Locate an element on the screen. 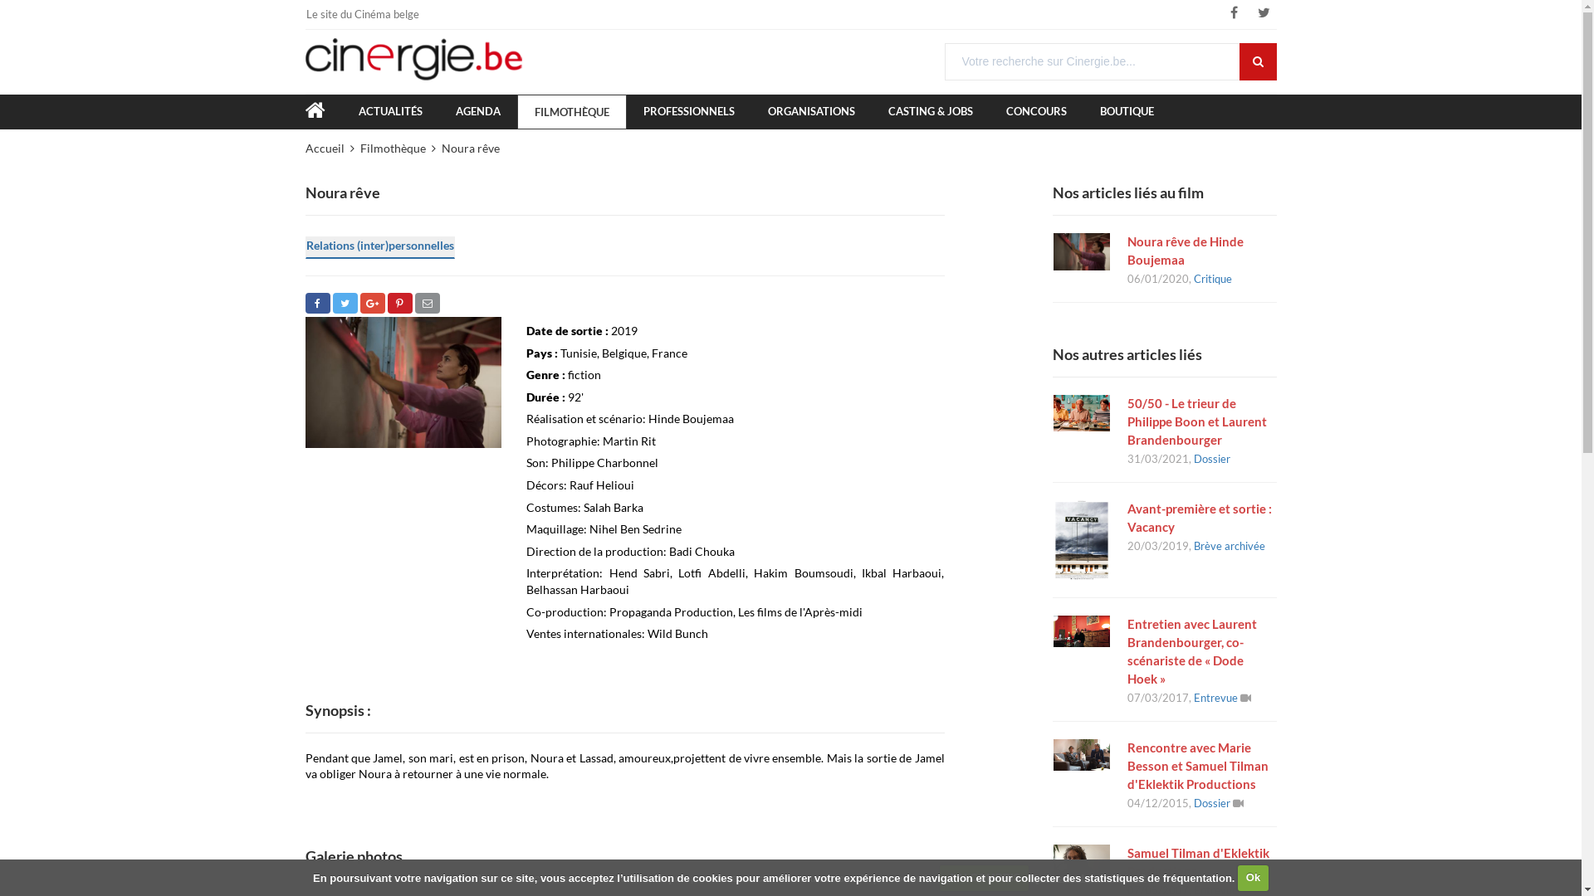 The height and width of the screenshot is (896, 1594). 'BOUTIQUE' is located at coordinates (1099, 111).